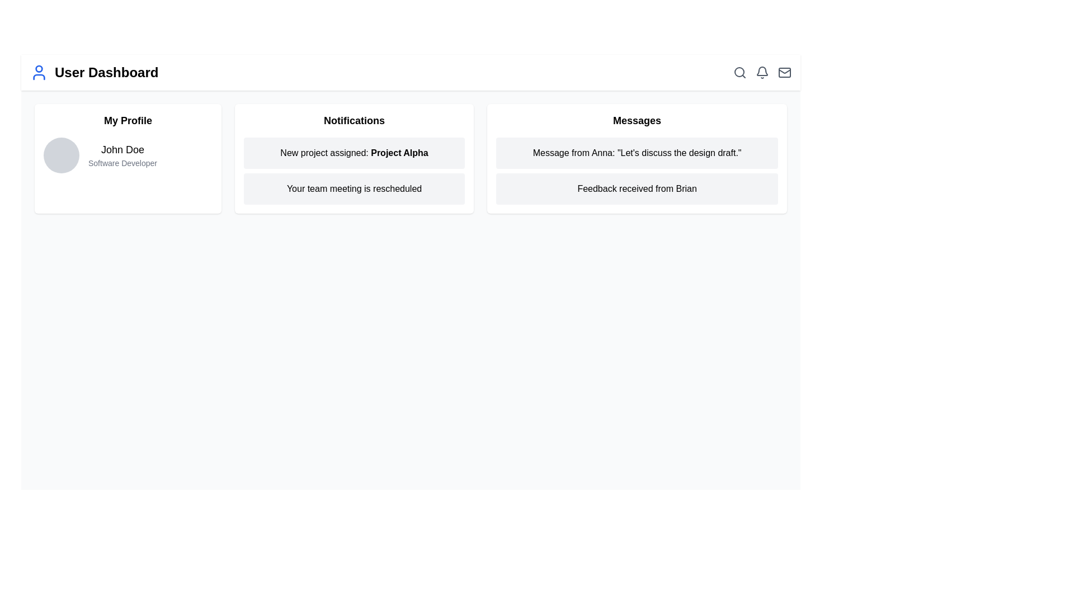 Image resolution: width=1074 pixels, height=604 pixels. What do you see at coordinates (784, 73) in the screenshot?
I see `the icon button located at the top-right corner of the interface, which is the last icon in a row following the bell icon` at bounding box center [784, 73].